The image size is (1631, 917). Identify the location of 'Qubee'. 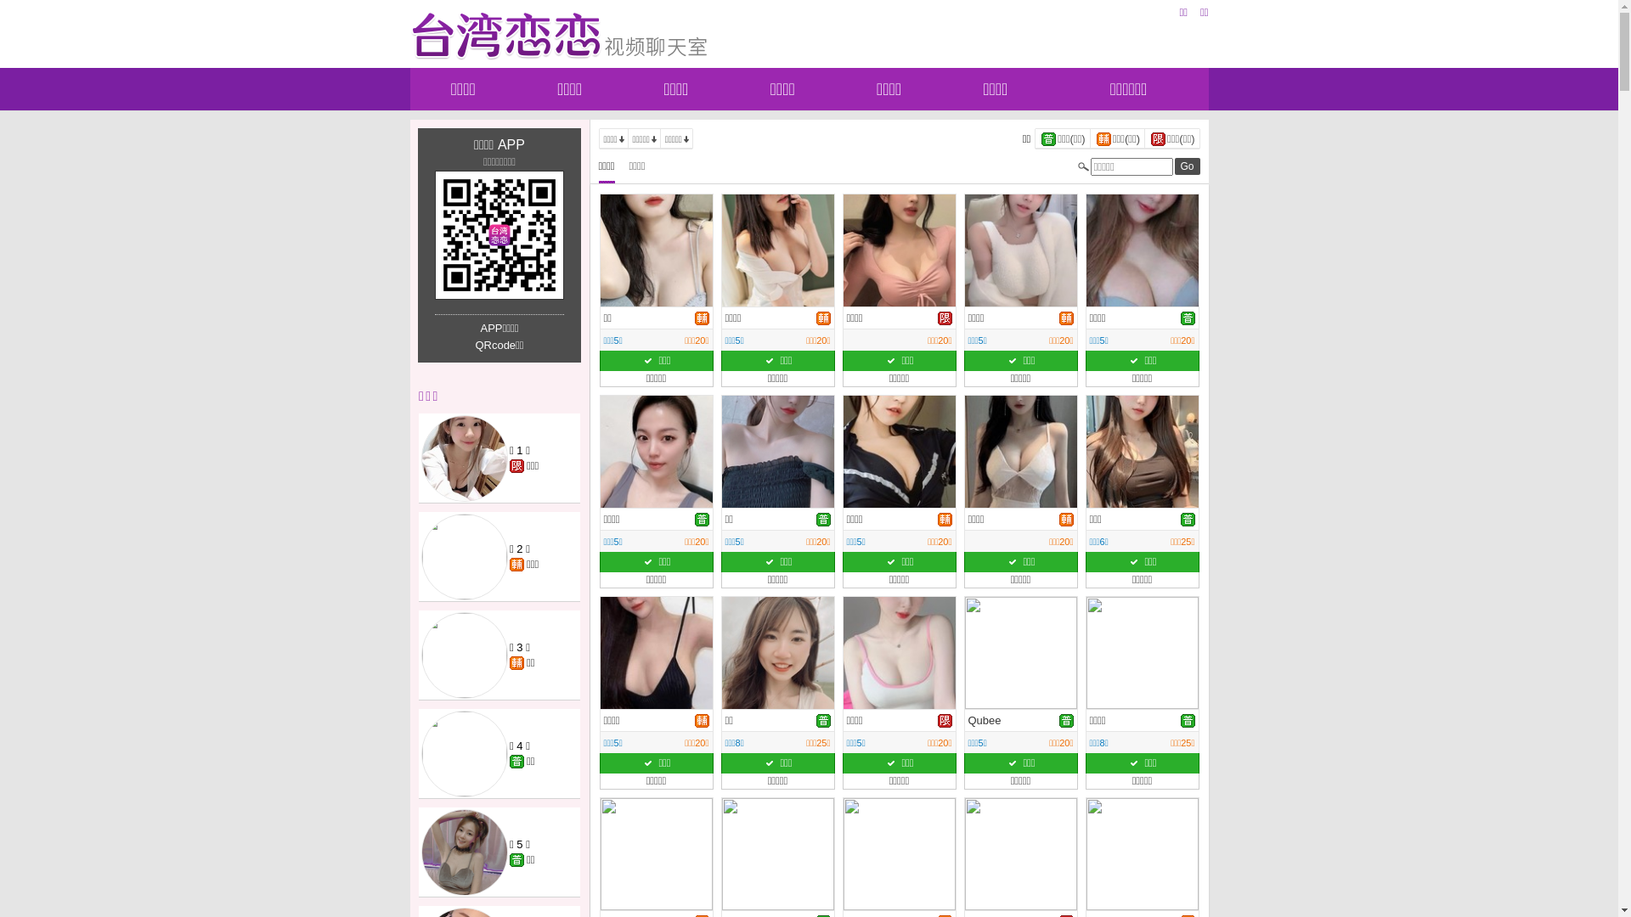
(985, 720).